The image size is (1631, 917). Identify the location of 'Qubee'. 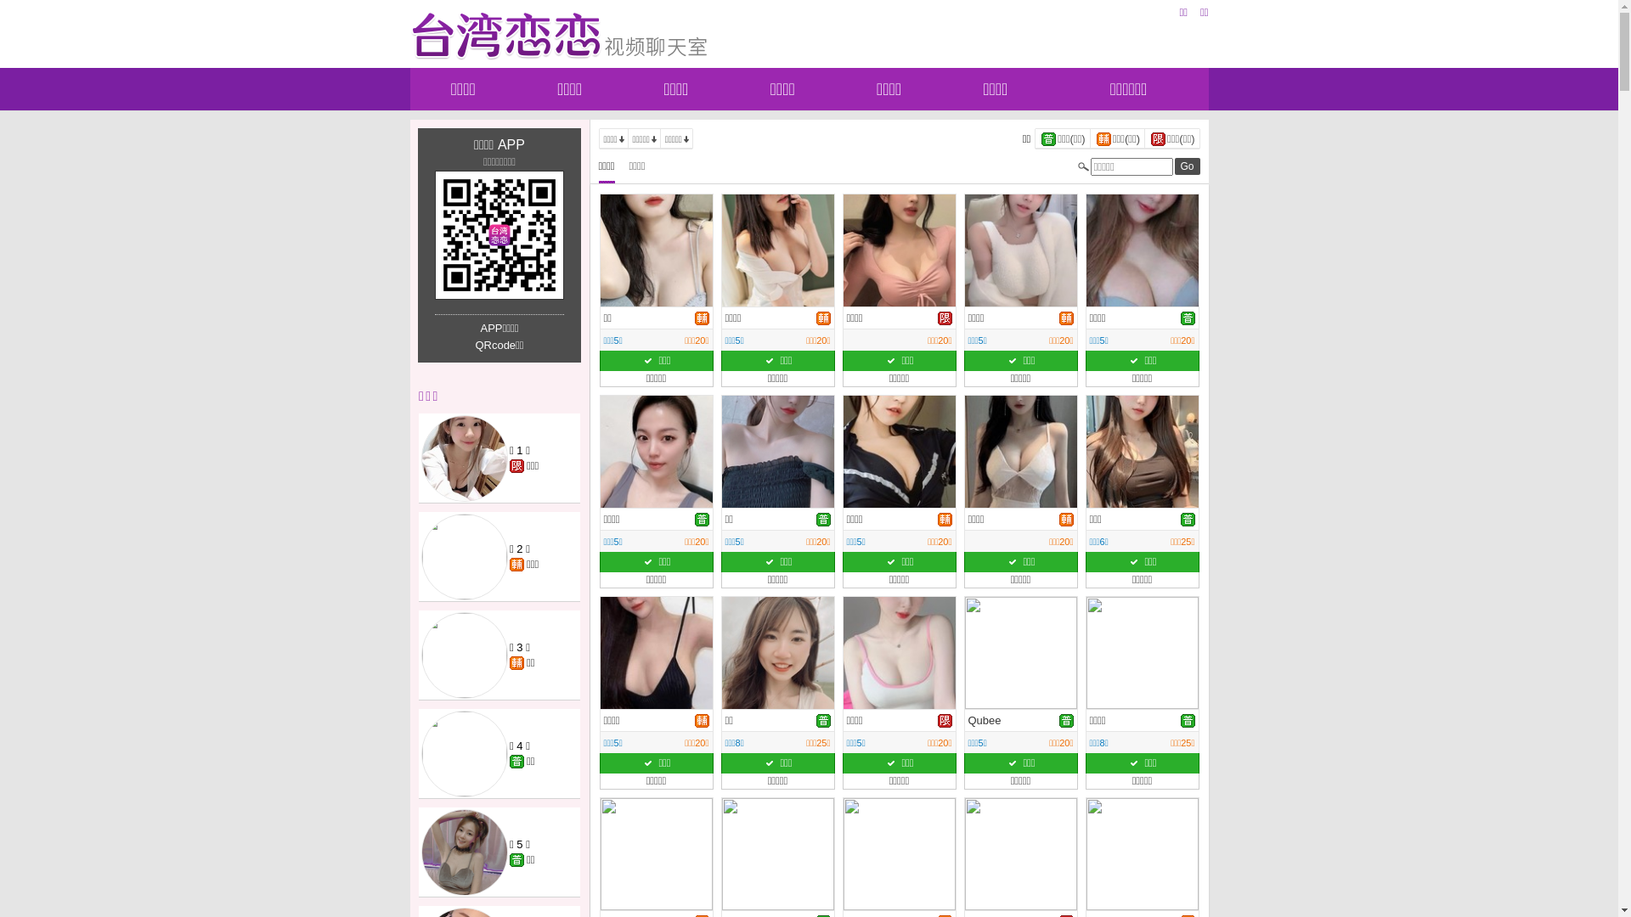
(985, 720).